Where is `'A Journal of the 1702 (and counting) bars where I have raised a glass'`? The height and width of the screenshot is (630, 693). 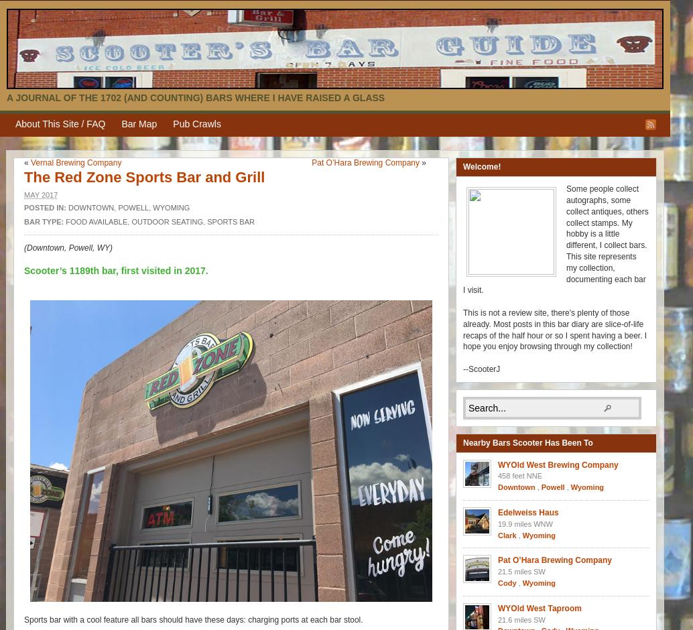
'A Journal of the 1702 (and counting) bars where I have raised a glass' is located at coordinates (195, 97).